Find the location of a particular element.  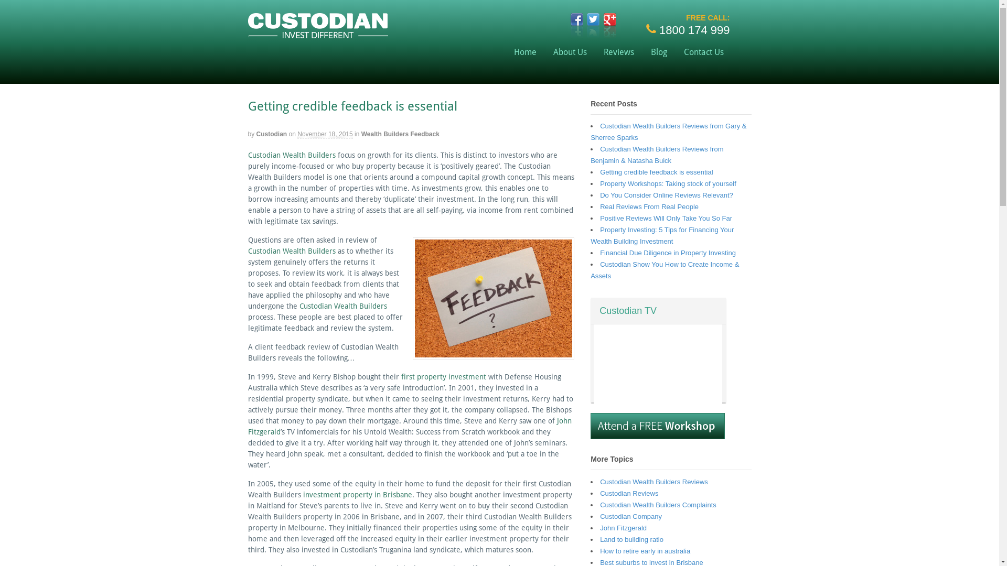

'John Fitzgerald' is located at coordinates (623, 528).